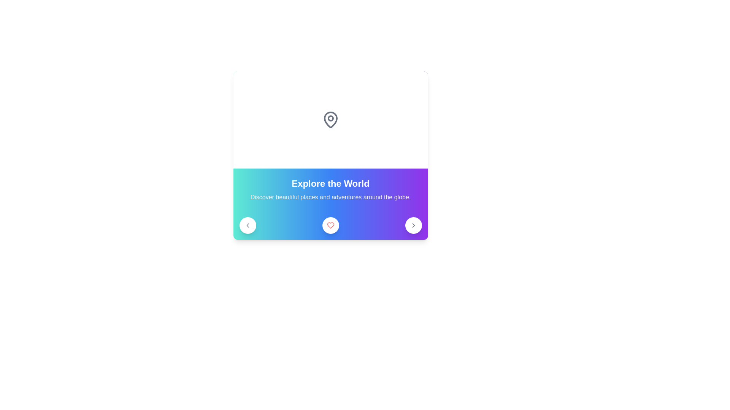 The height and width of the screenshot is (410, 730). Describe the element at coordinates (330, 183) in the screenshot. I see `the 'Explore the World' text label, which is styled in bold, large, white font and has a vibrant gradient background transitioning between cyan and purple` at that location.